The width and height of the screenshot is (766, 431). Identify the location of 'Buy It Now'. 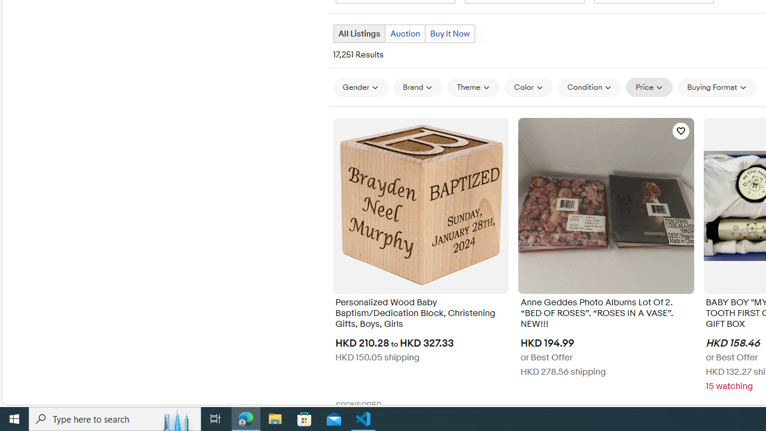
(449, 33).